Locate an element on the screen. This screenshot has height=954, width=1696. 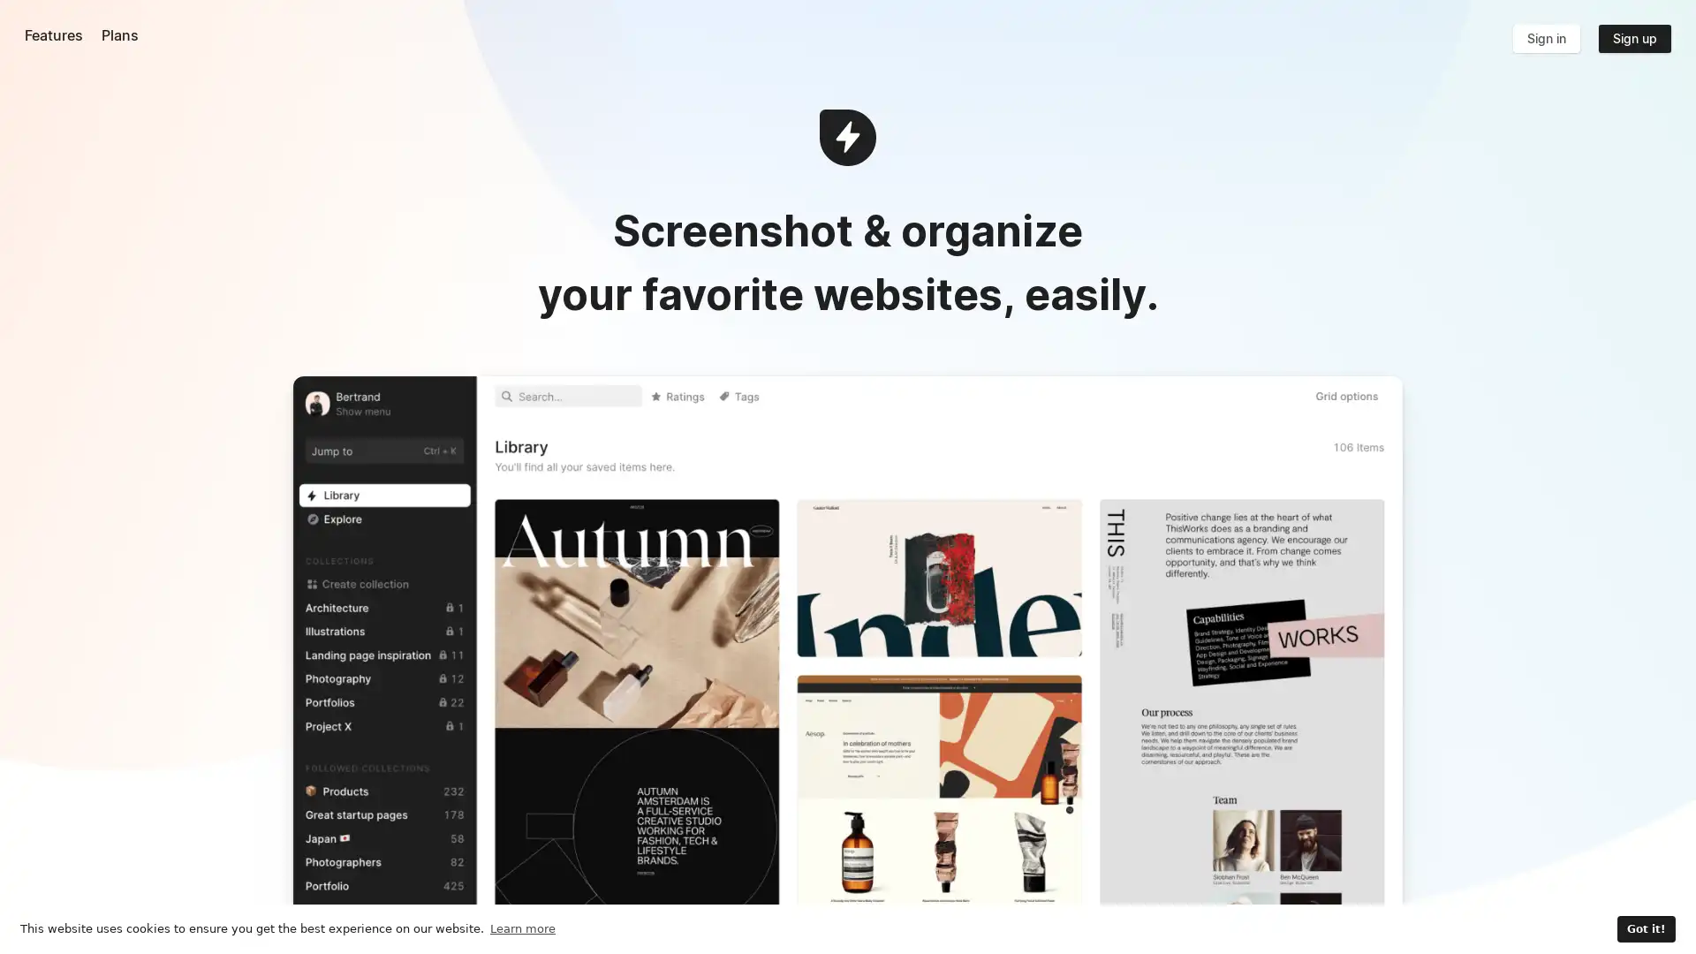
Sign in is located at coordinates (1545, 38).